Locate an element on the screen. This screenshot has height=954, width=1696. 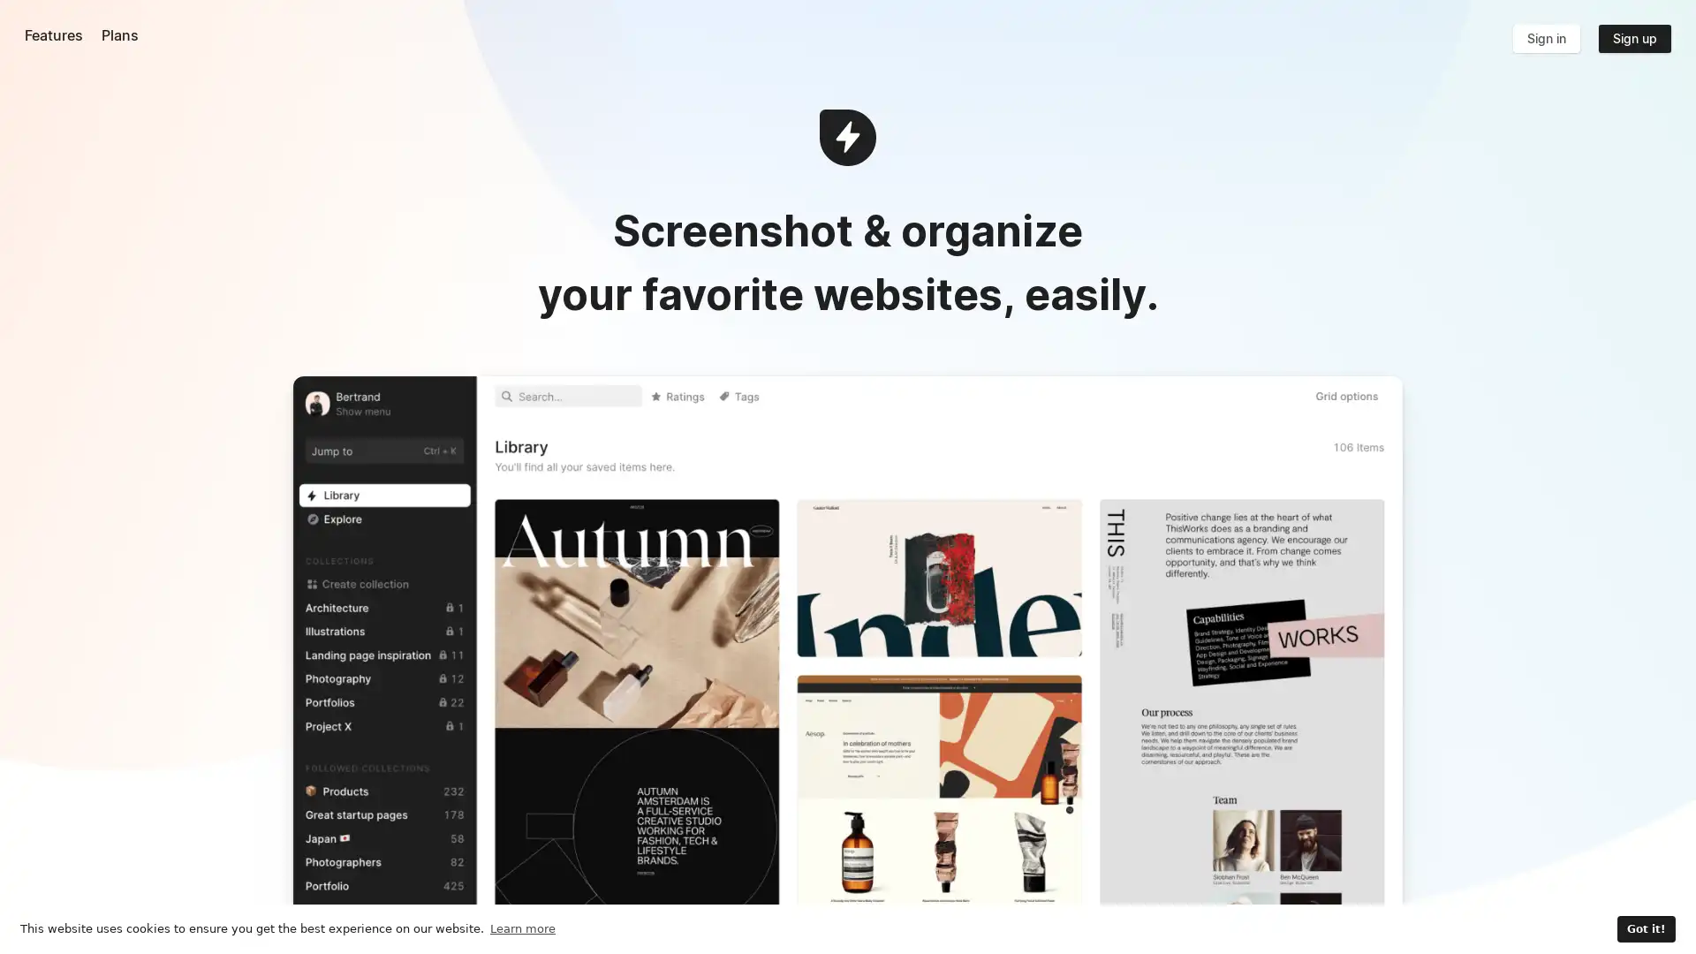
Sign in is located at coordinates (1545, 38).